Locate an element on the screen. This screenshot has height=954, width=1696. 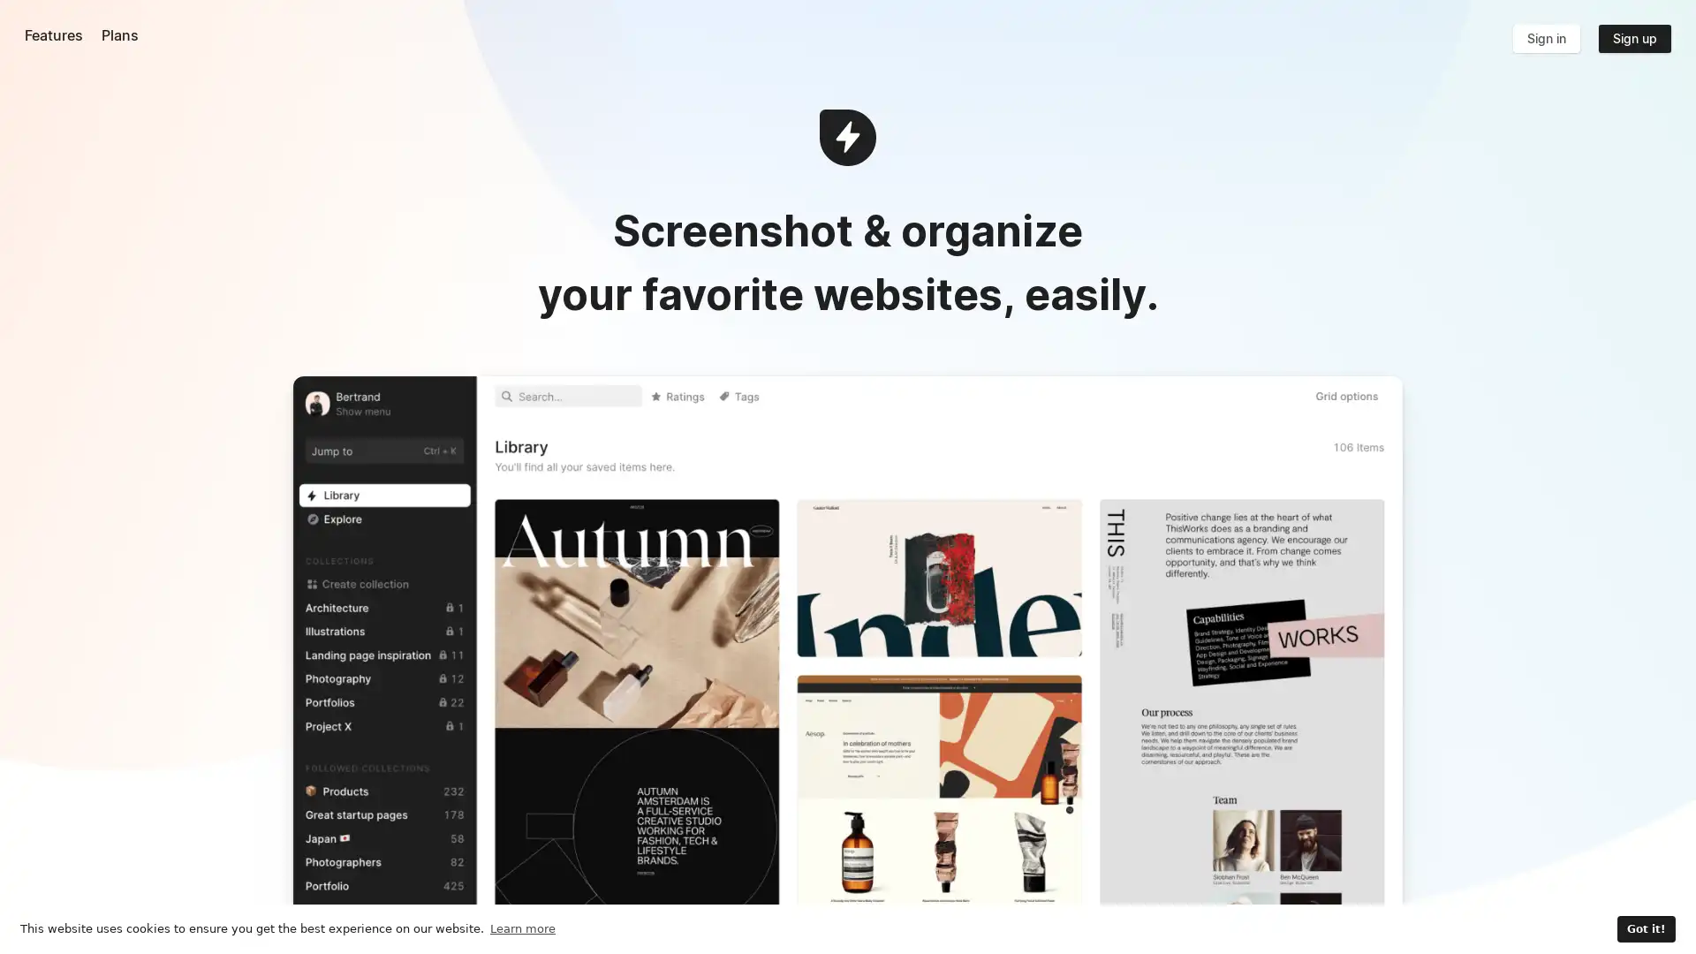
Sign in is located at coordinates (1545, 38).